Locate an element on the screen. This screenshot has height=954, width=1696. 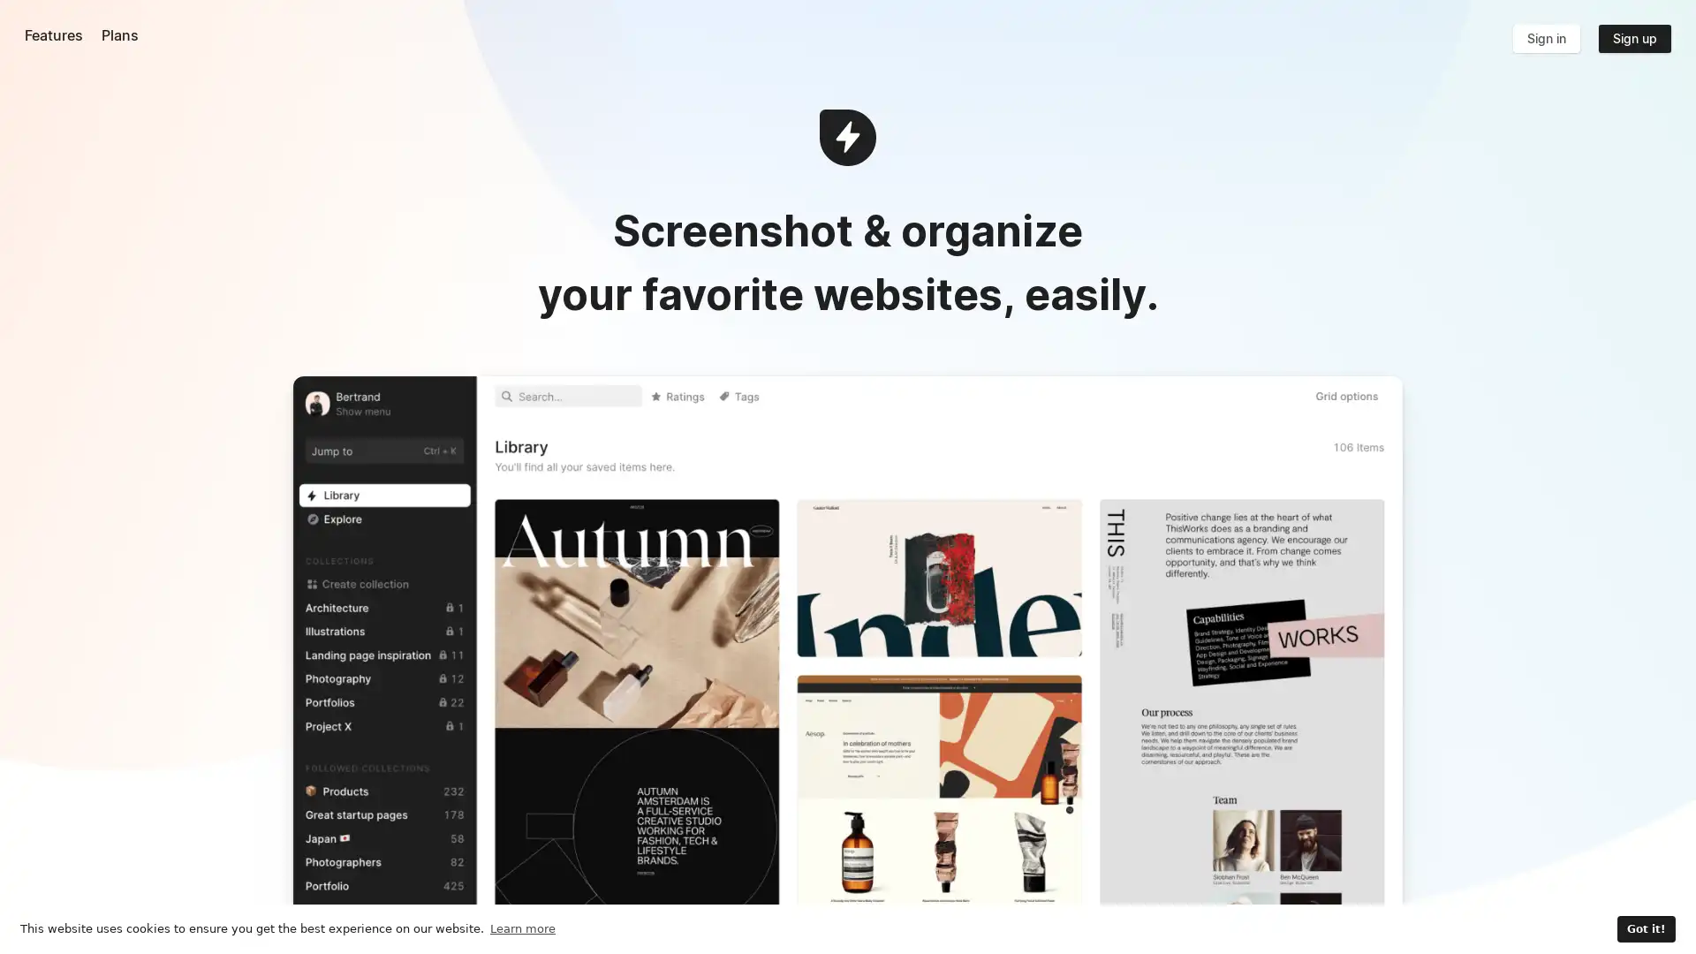
Sign in is located at coordinates (1545, 38).